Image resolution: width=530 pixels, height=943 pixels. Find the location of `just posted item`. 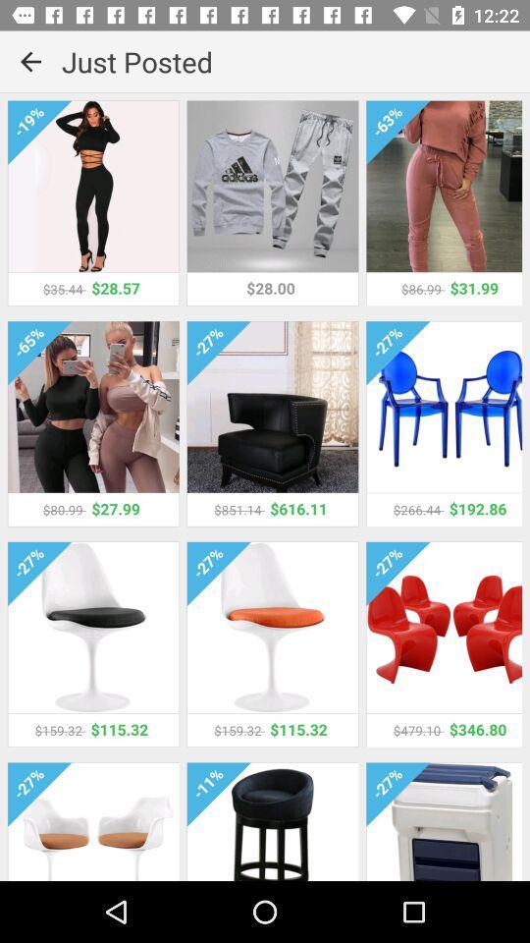

just posted item is located at coordinates (294, 61).